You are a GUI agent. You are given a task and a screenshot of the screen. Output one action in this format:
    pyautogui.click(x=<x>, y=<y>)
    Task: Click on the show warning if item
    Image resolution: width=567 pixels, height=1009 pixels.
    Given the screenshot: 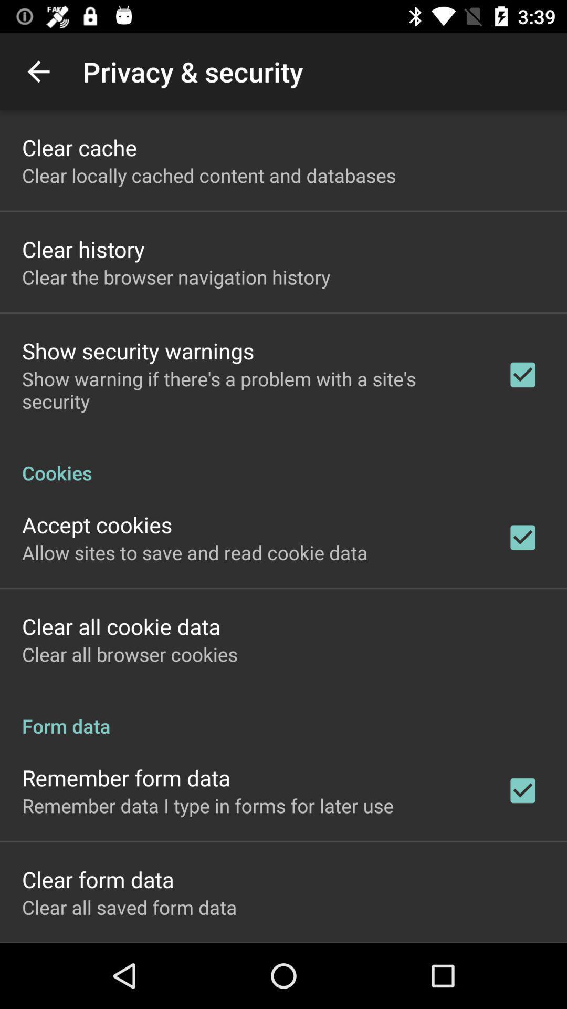 What is the action you would take?
    pyautogui.click(x=250, y=389)
    